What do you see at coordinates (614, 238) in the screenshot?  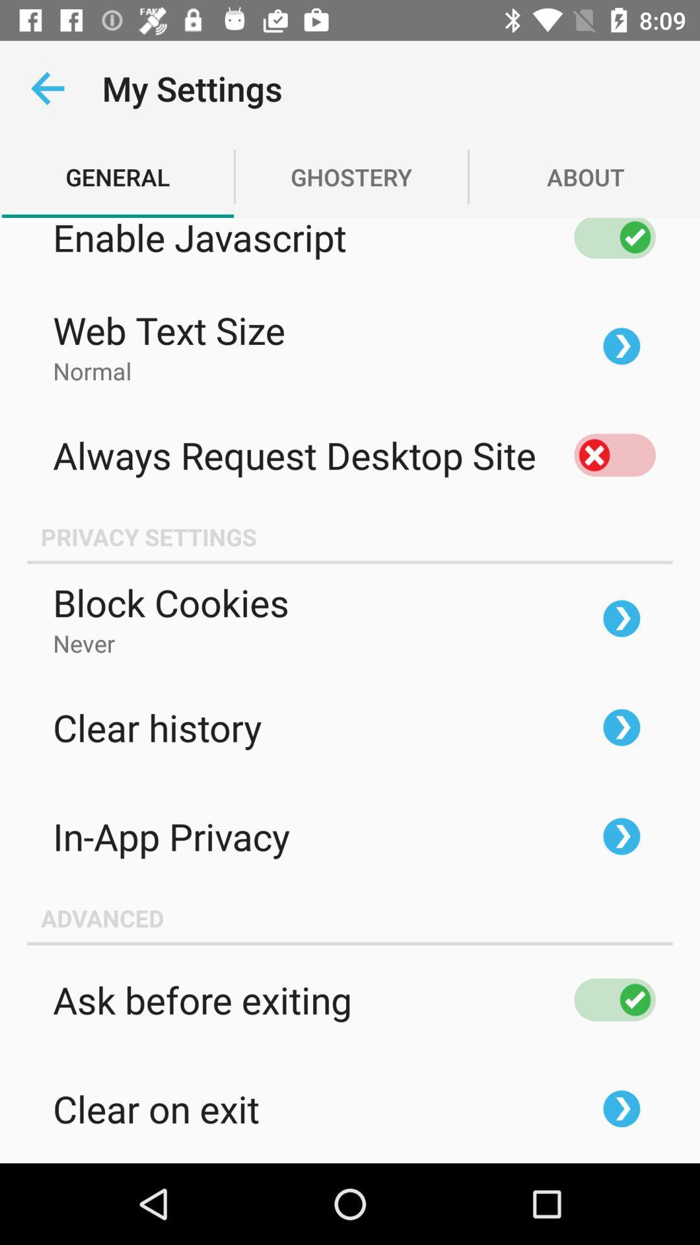 I see `enable/disable javascript toggle` at bounding box center [614, 238].